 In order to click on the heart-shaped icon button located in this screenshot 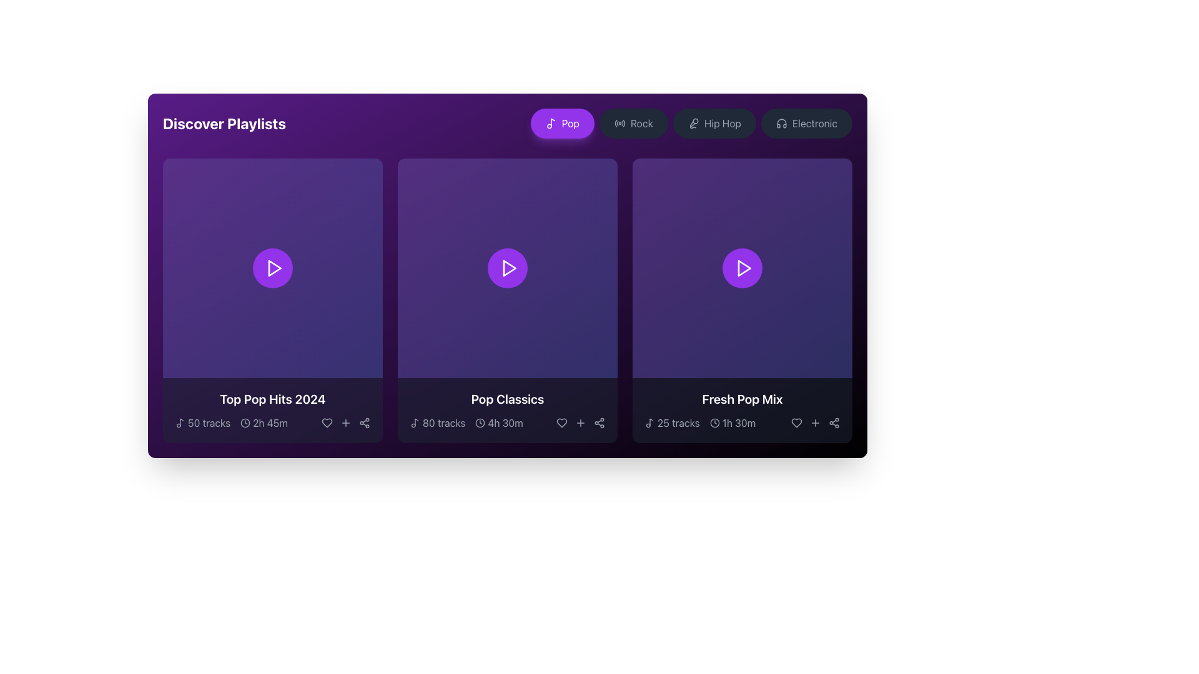, I will do `click(796, 422)`.